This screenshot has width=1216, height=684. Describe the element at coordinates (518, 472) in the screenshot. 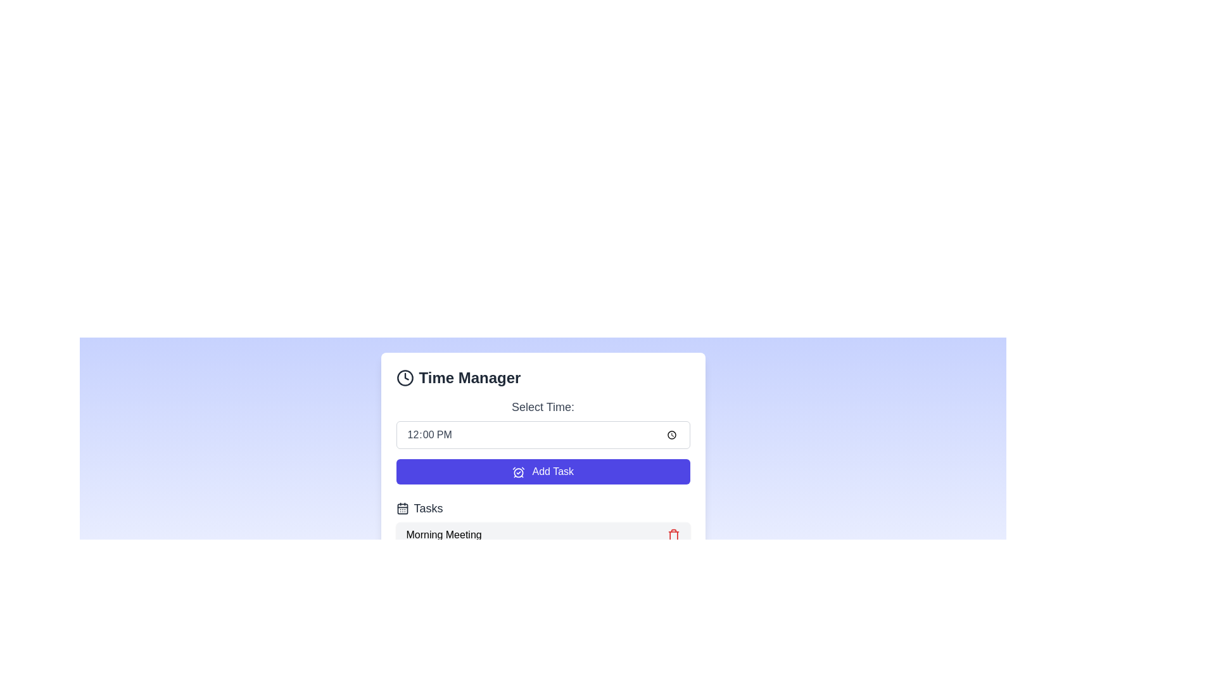

I see `the small alarm clock icon with a check mark inside, which is located to the left of the 'Add Task' text` at that location.